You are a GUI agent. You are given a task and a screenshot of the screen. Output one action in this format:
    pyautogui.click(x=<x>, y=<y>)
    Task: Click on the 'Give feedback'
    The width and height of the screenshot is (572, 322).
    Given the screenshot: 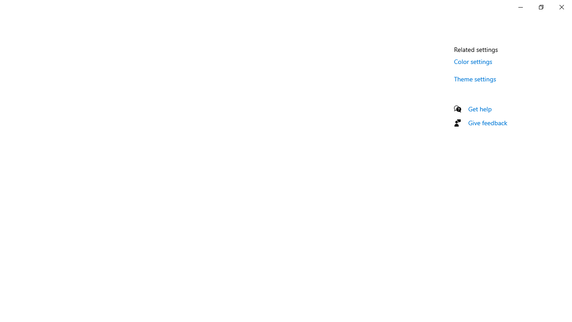 What is the action you would take?
    pyautogui.click(x=487, y=123)
    